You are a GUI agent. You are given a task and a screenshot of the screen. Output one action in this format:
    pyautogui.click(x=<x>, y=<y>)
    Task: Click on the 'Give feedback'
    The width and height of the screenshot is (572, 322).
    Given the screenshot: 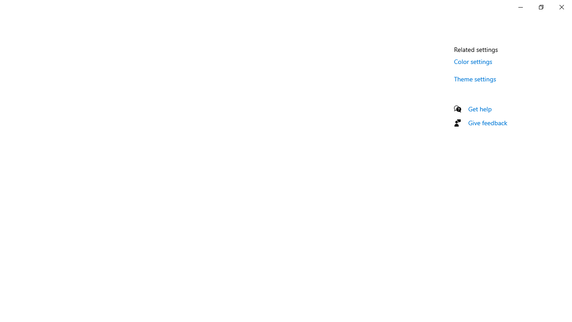 What is the action you would take?
    pyautogui.click(x=487, y=123)
    